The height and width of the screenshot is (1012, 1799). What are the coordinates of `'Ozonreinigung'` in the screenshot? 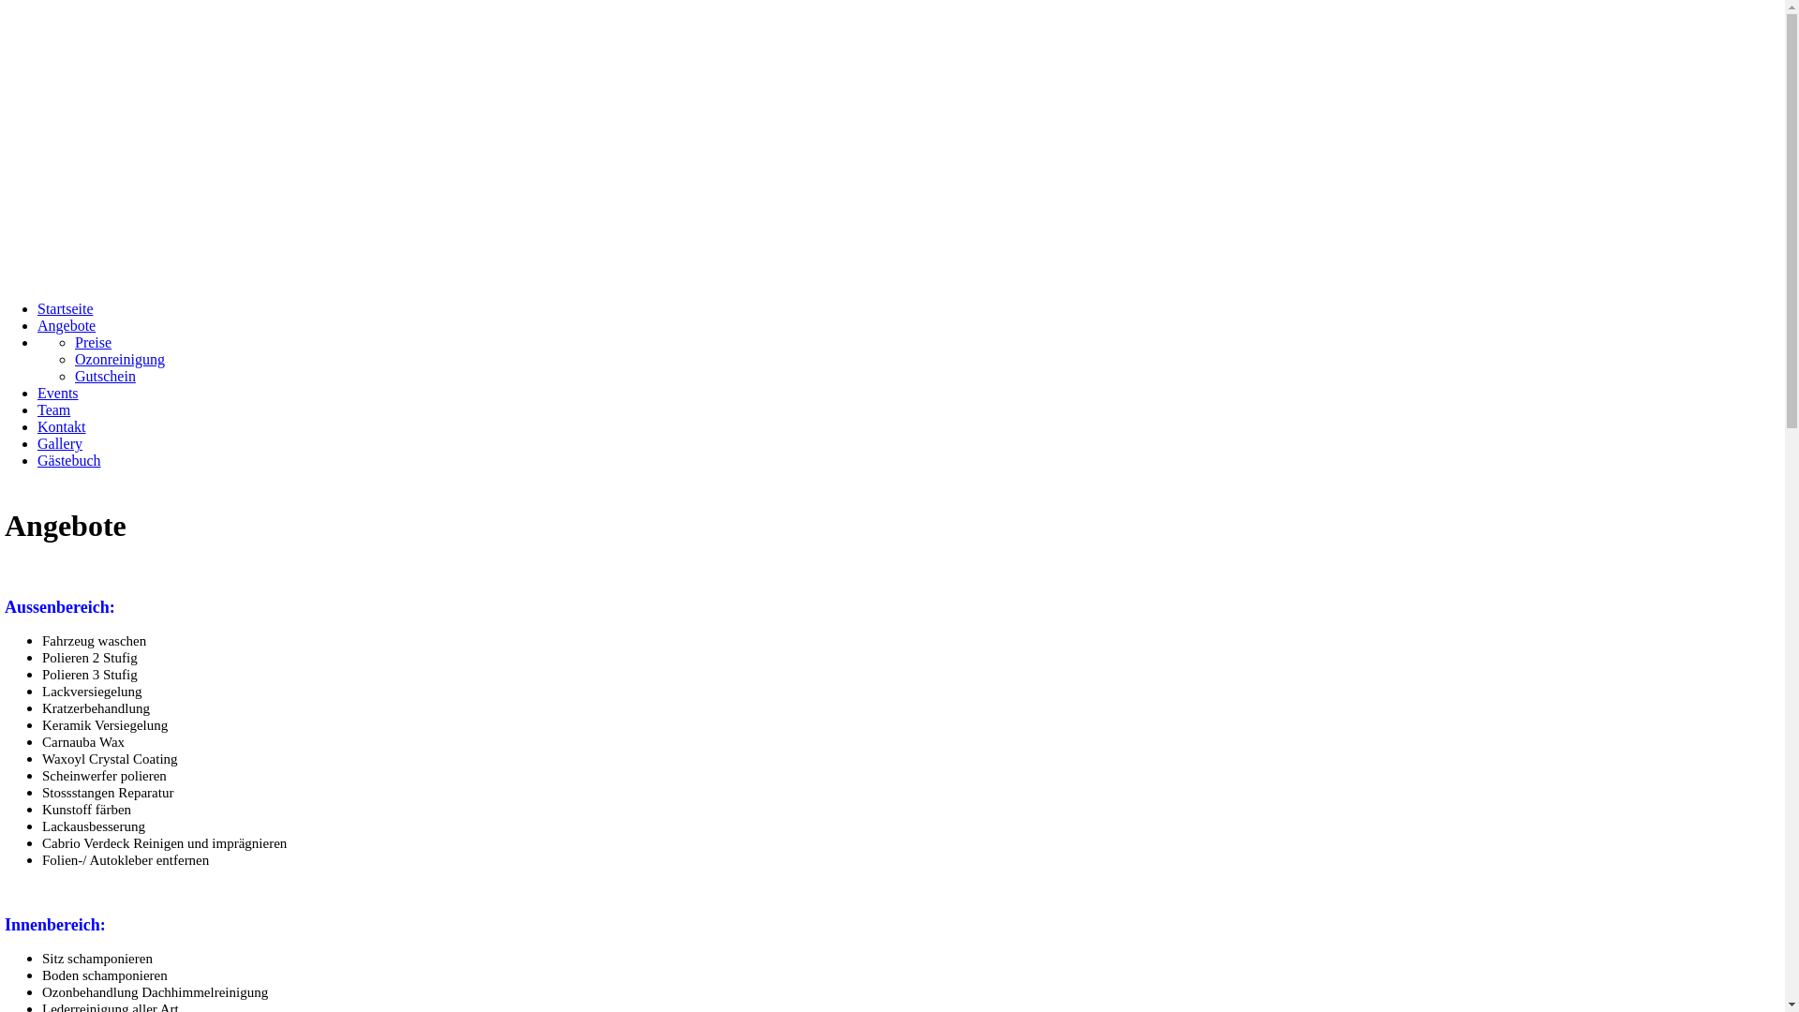 It's located at (119, 359).